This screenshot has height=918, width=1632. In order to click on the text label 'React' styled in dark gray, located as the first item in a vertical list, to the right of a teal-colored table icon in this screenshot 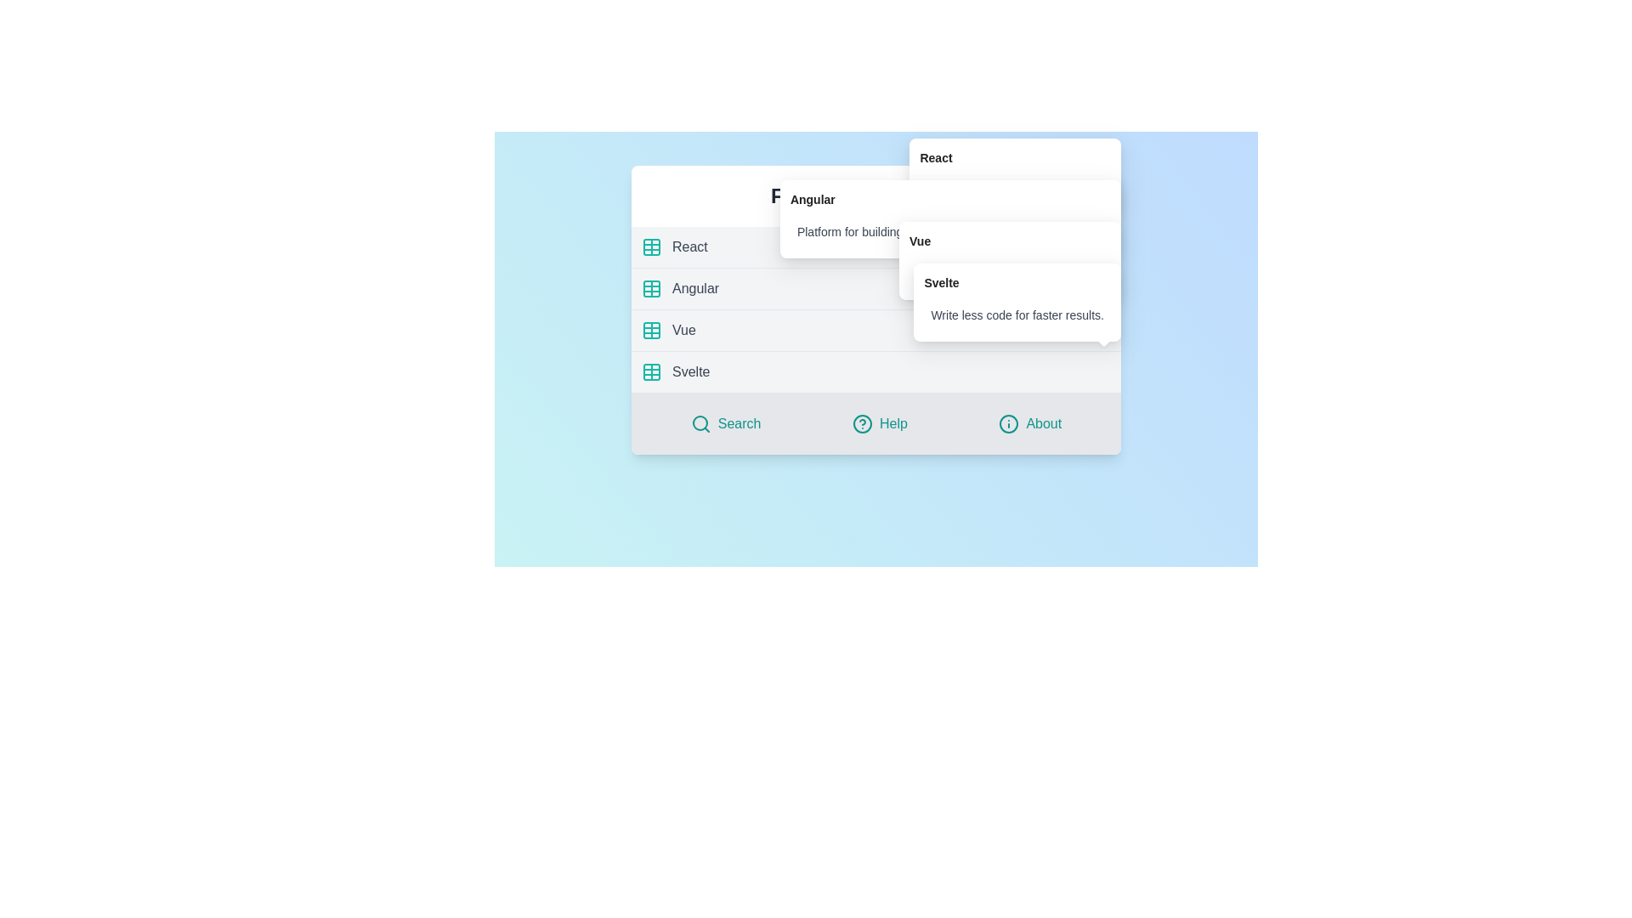, I will do `click(689, 246)`.